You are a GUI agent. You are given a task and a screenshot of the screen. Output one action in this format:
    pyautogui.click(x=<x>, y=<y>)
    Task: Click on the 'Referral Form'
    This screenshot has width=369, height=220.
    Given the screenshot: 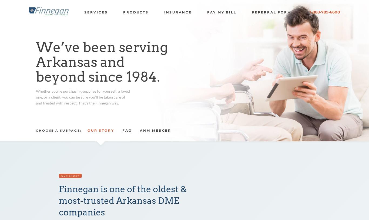 What is the action you would take?
    pyautogui.click(x=271, y=12)
    